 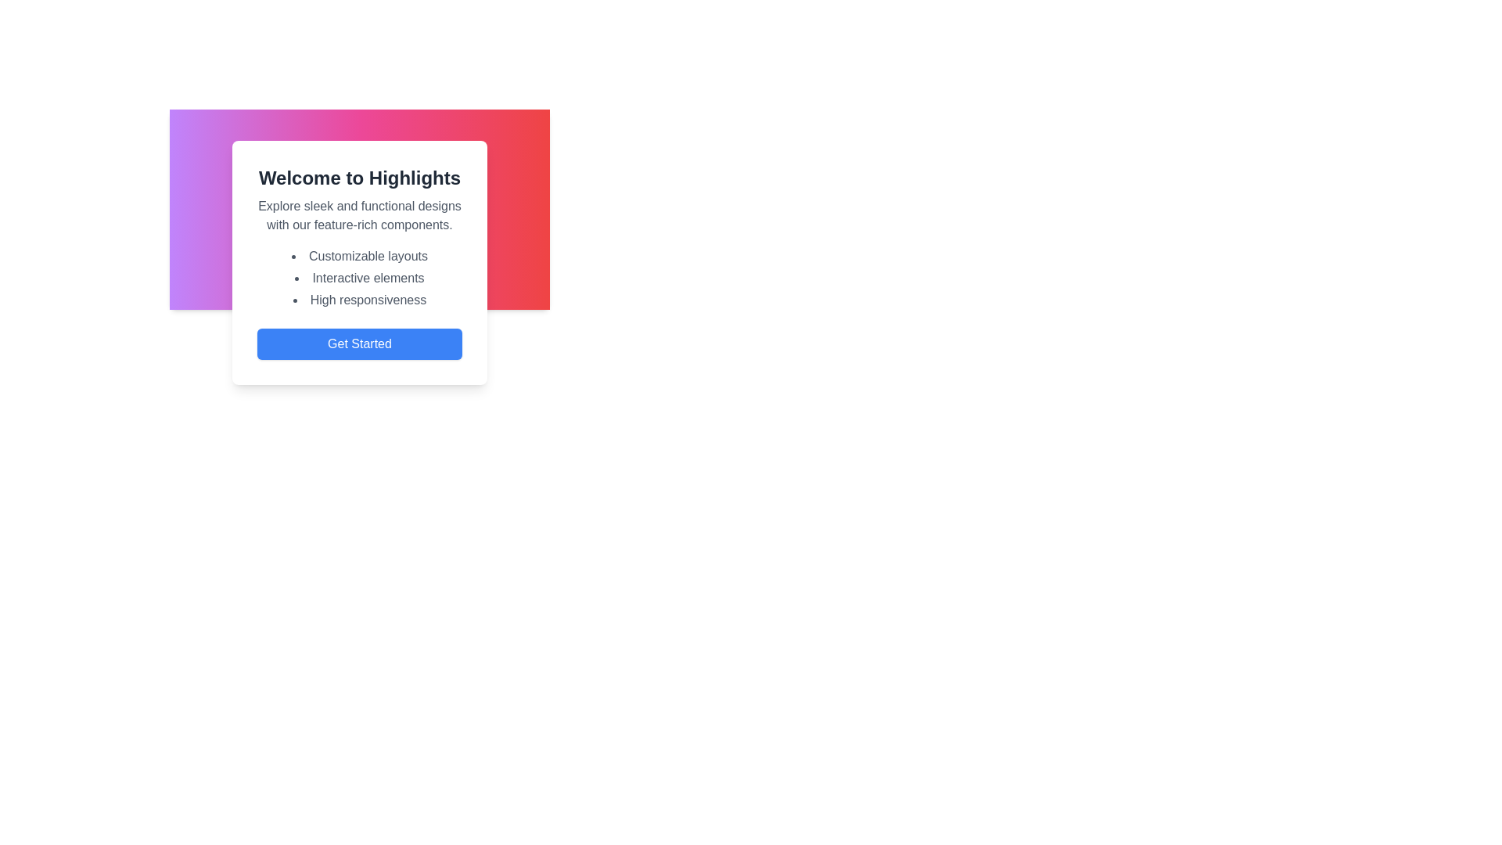 I want to click on the descriptive bullet point regarding 'High responsiveness' in the third item of the list under the heading 'Welcome to Highlights.', so click(x=359, y=300).